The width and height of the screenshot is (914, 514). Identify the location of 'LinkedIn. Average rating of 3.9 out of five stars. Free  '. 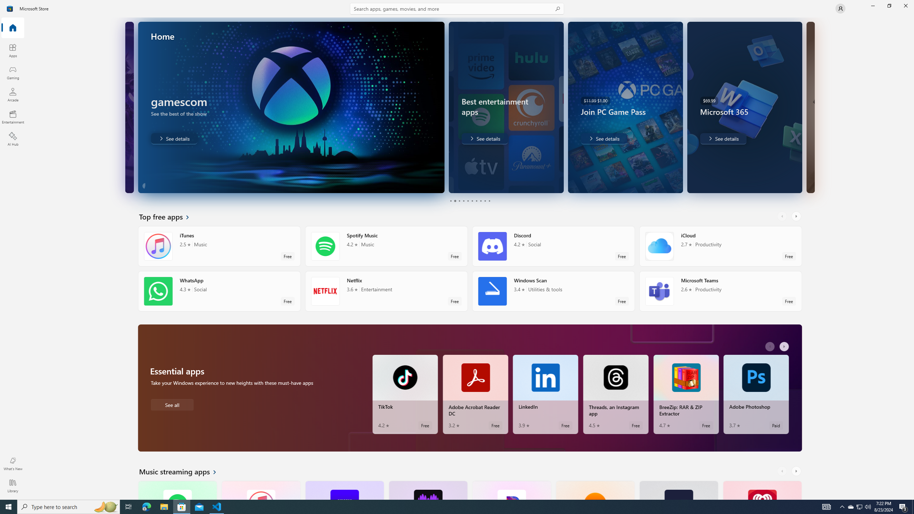
(546, 394).